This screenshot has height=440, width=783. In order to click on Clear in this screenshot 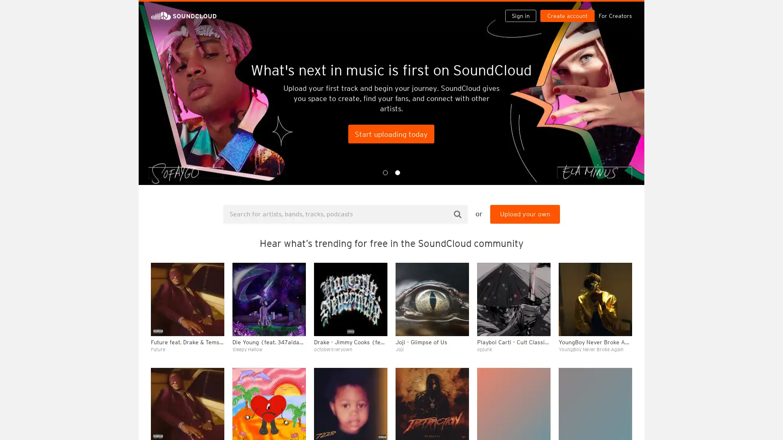, I will do `click(604, 222)`.